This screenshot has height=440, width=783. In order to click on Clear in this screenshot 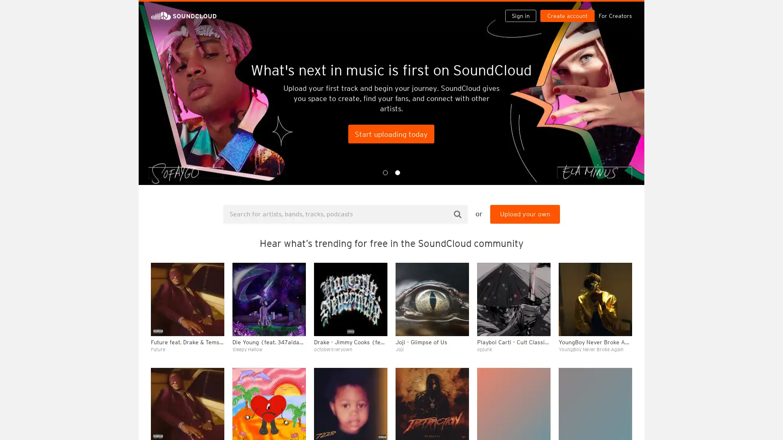, I will do `click(604, 222)`.